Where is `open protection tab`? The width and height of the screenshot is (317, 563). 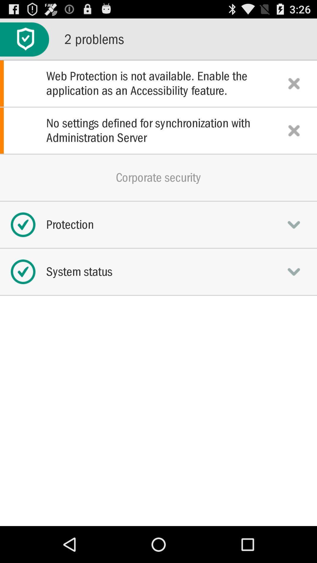
open protection tab is located at coordinates (294, 224).